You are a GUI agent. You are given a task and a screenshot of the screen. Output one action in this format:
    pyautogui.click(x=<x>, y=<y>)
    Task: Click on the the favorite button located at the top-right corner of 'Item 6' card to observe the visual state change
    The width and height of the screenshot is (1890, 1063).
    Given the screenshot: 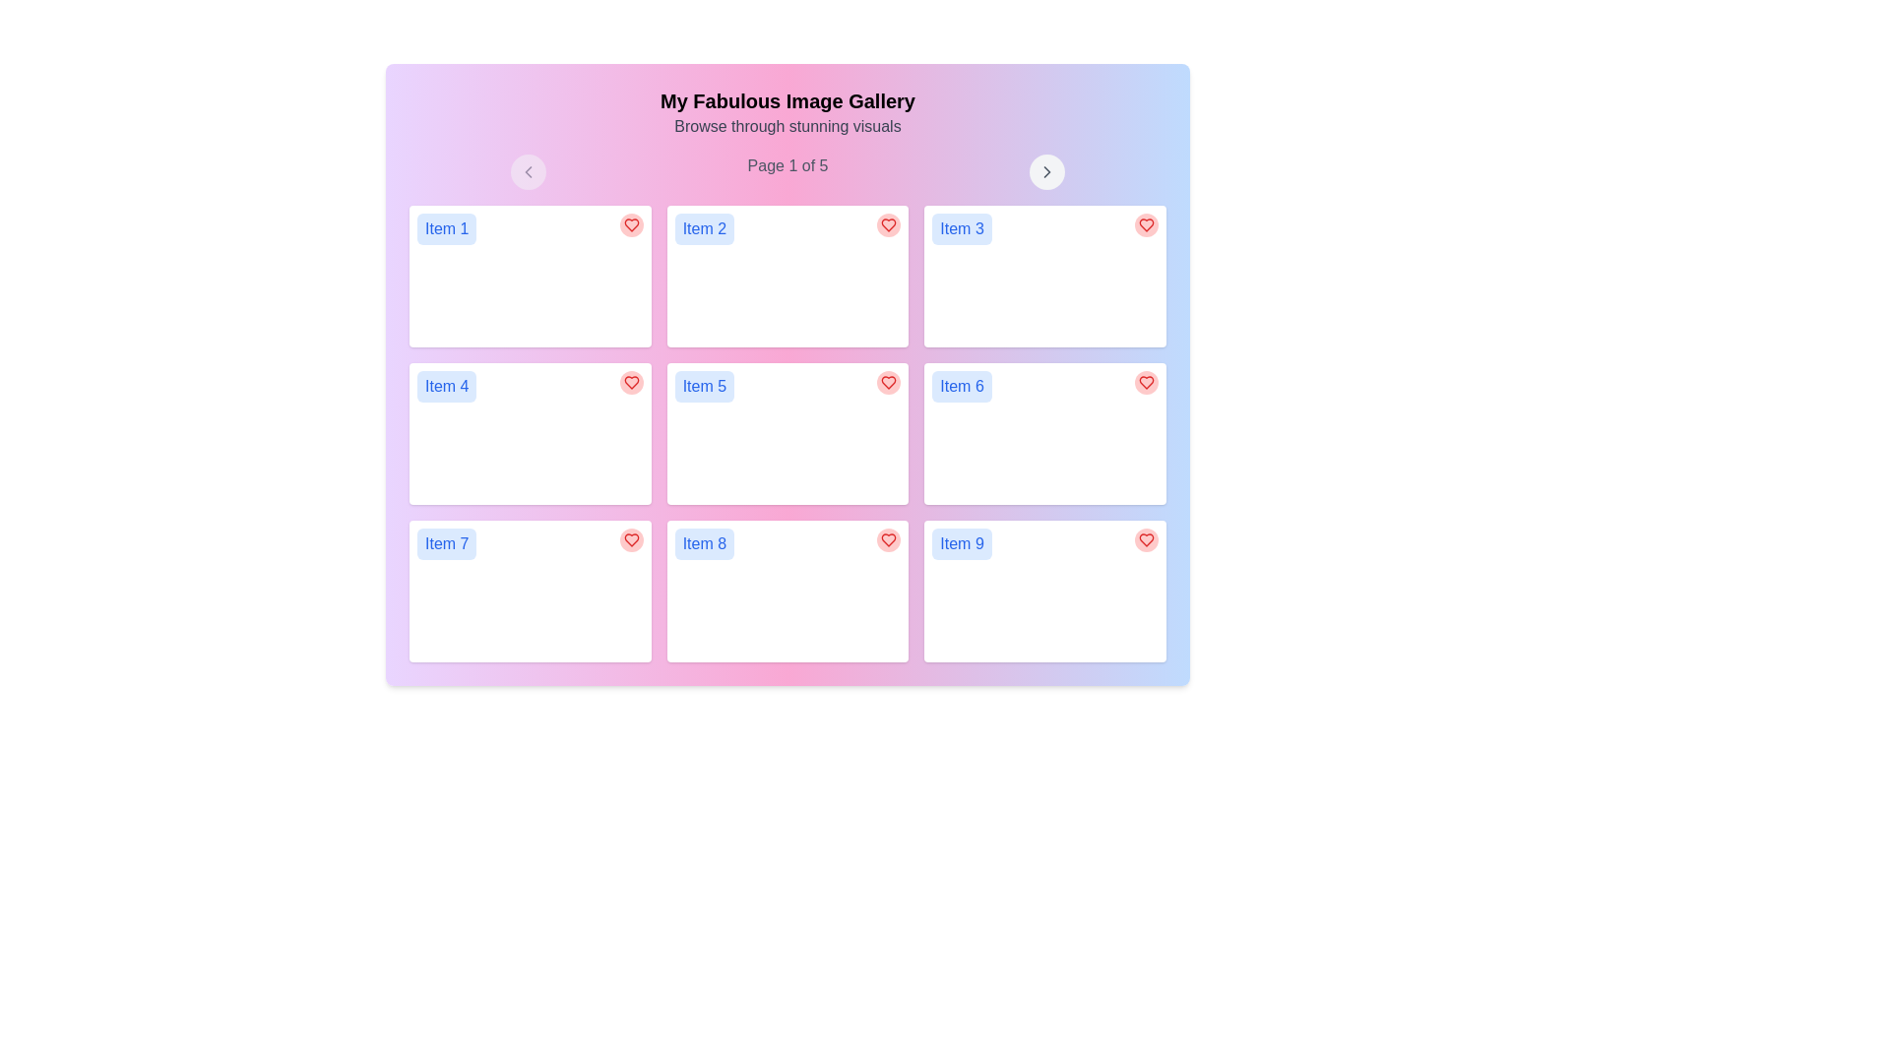 What is the action you would take?
    pyautogui.click(x=1147, y=383)
    